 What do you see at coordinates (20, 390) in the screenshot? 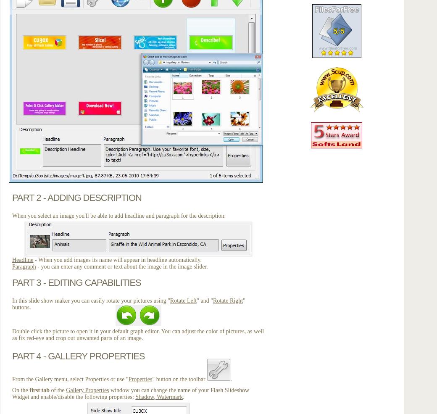
I see `'On the'` at bounding box center [20, 390].